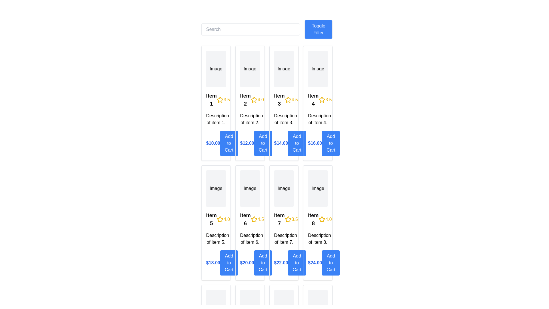 Image resolution: width=549 pixels, height=309 pixels. I want to click on the text element displaying '$20.00' in bold blue font, located above the 'Add to Cart' button in the sixth column of the grid layout, so click(247, 263).